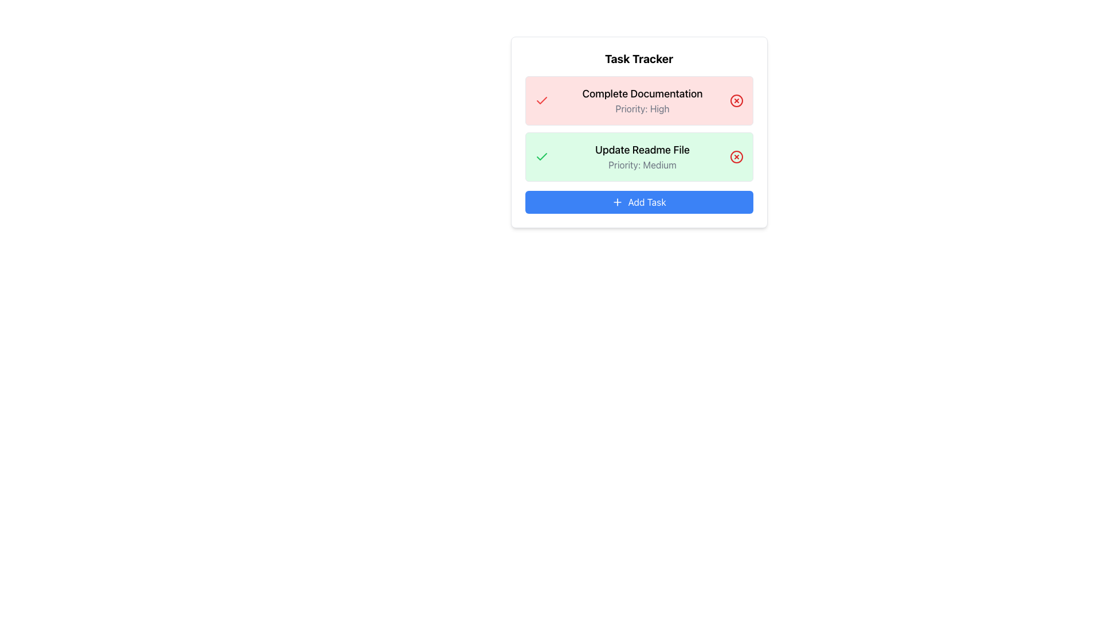 This screenshot has width=1100, height=619. What do you see at coordinates (642, 108) in the screenshot?
I see `static text label that displays 'Priority: High' located in the 'Complete Documentation' task box, which is styled with a gray font and positioned below the main title` at bounding box center [642, 108].